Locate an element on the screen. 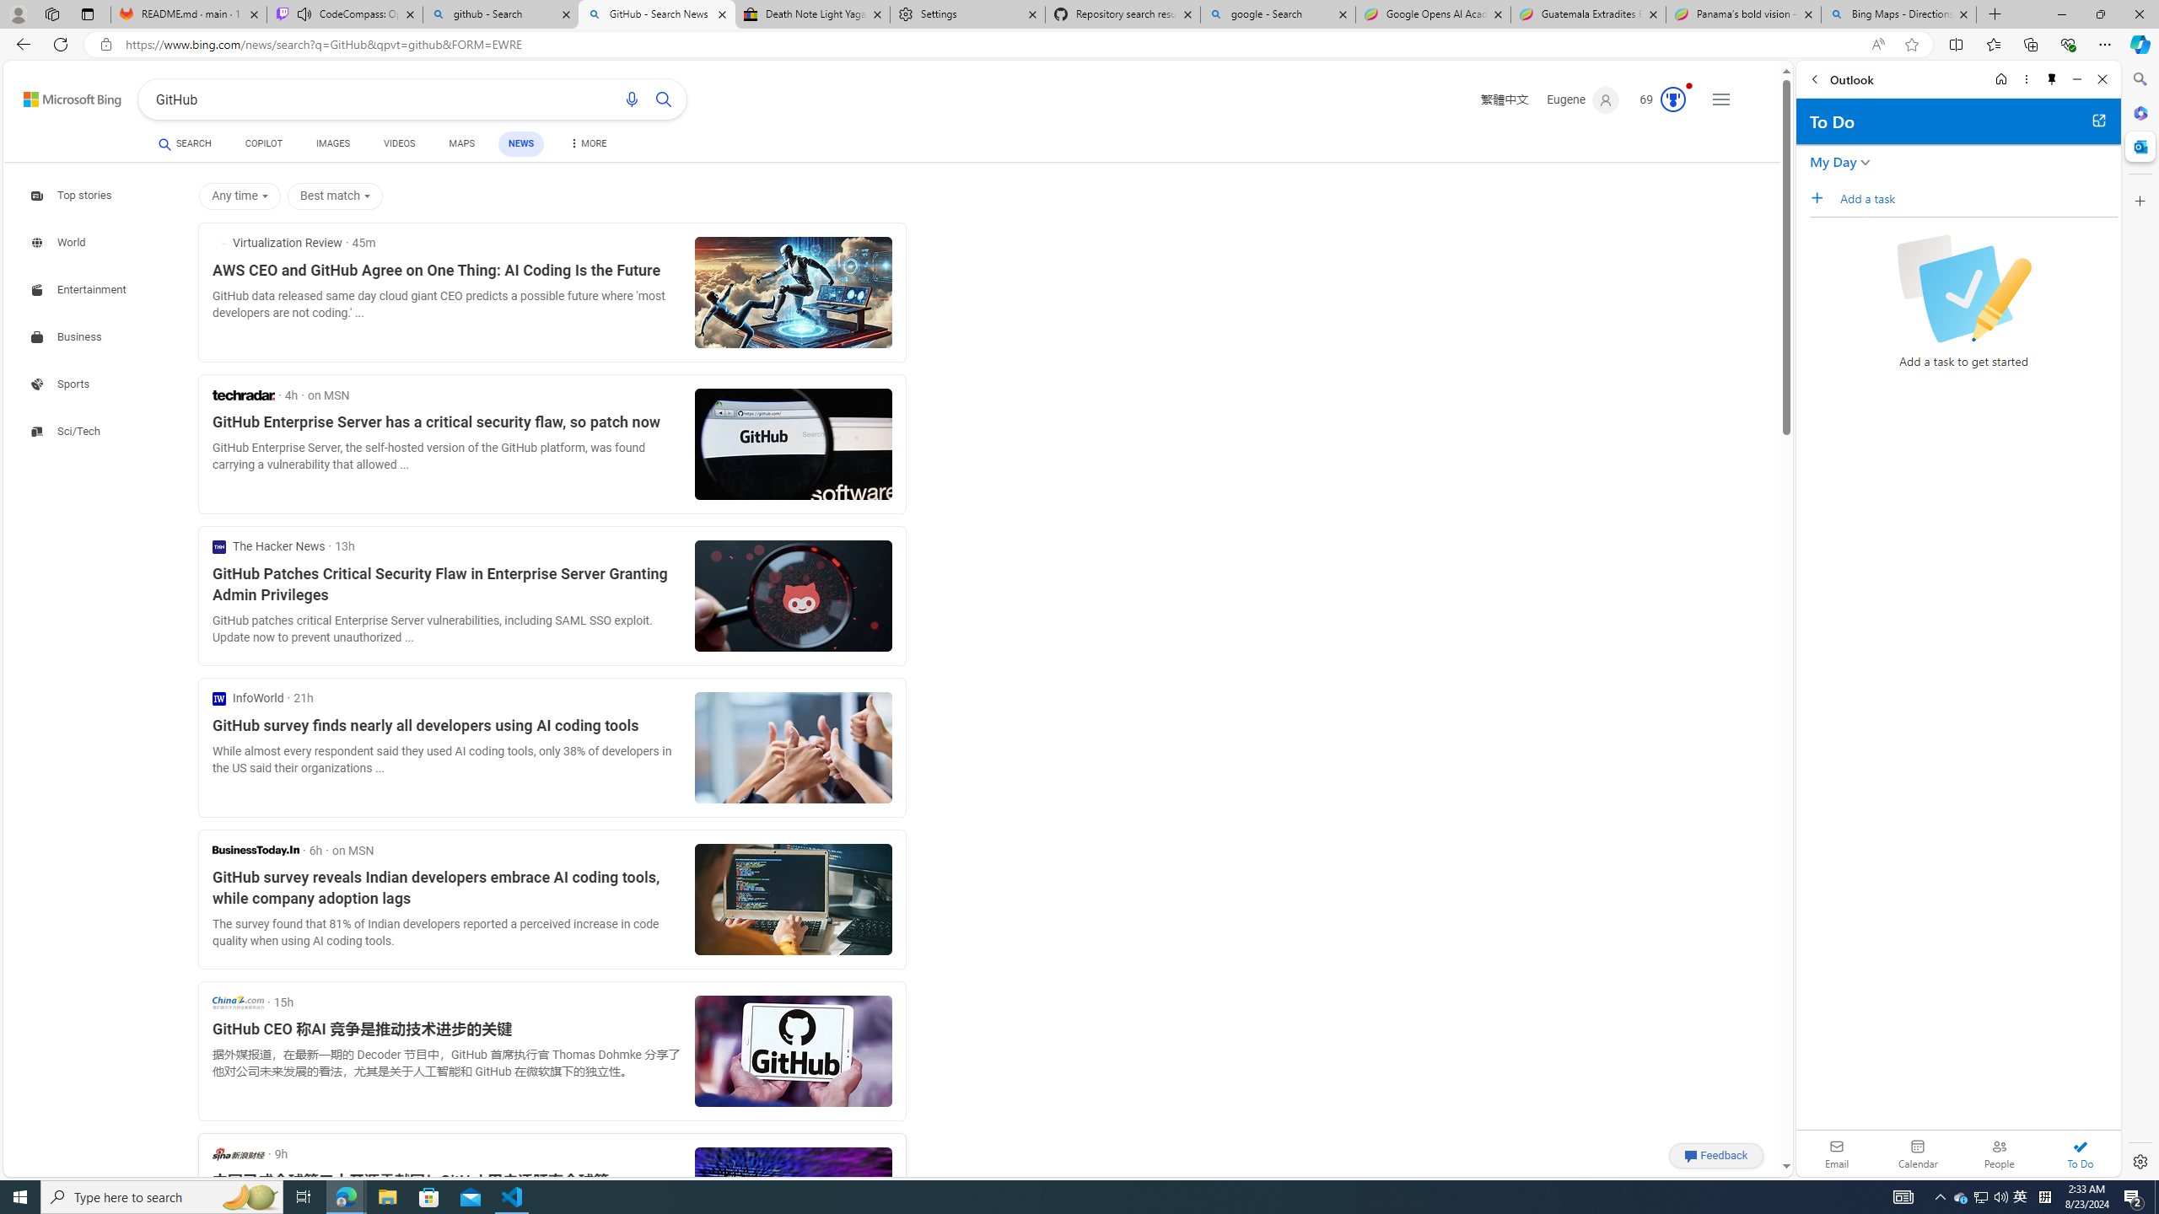 The width and height of the screenshot is (2159, 1214). 'My Day' is located at coordinates (1832, 161).